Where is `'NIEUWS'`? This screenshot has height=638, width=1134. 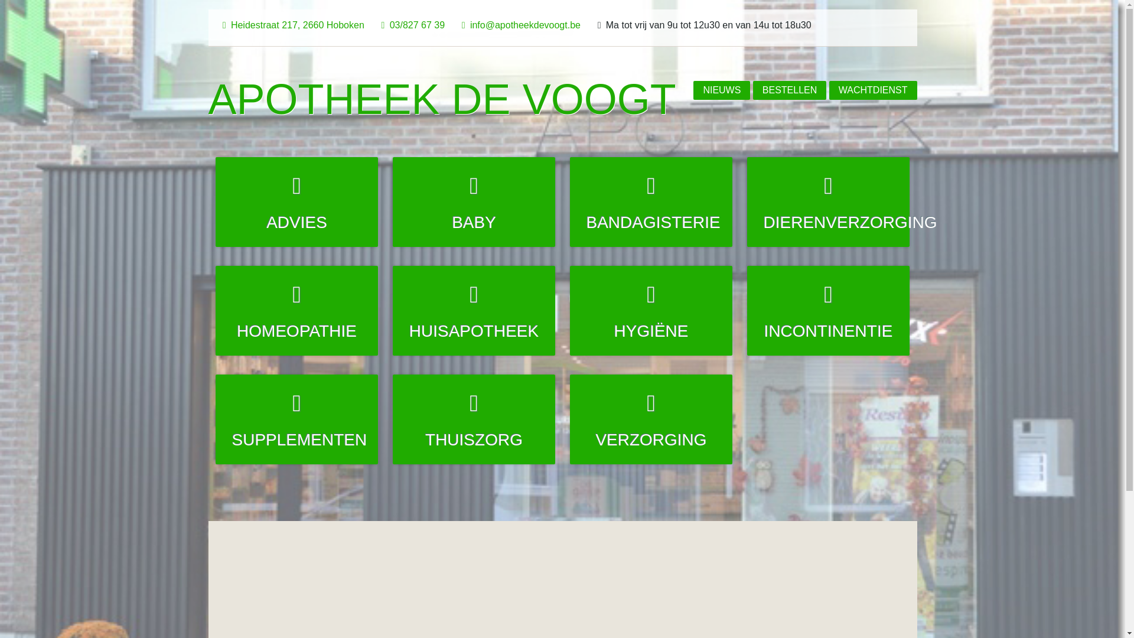
'NIEUWS' is located at coordinates (721, 90).